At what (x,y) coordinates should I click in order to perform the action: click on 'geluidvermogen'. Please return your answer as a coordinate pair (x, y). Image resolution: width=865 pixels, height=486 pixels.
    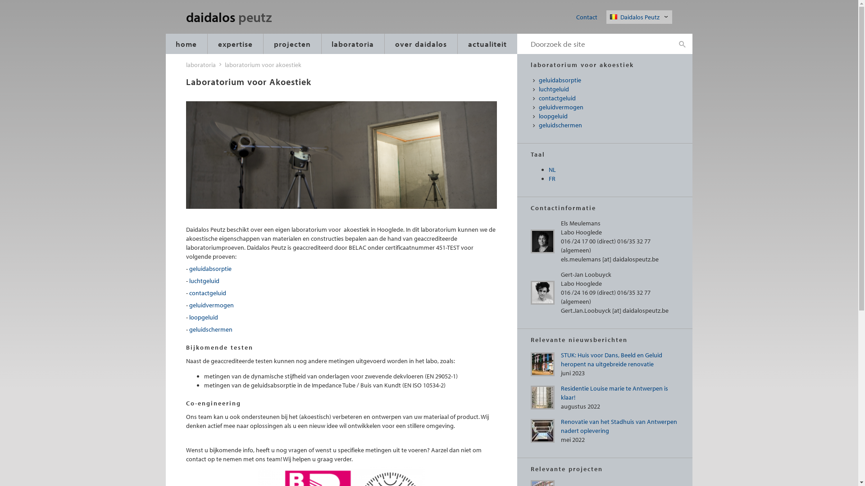
    Looking at the image, I should click on (211, 305).